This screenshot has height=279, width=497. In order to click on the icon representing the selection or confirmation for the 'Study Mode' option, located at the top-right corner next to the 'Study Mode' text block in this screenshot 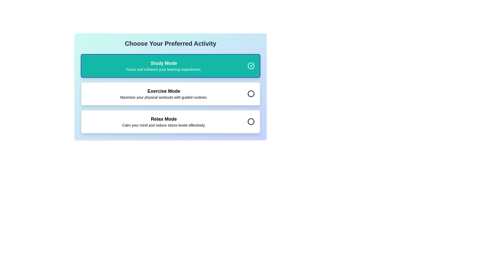, I will do `click(251, 65)`.